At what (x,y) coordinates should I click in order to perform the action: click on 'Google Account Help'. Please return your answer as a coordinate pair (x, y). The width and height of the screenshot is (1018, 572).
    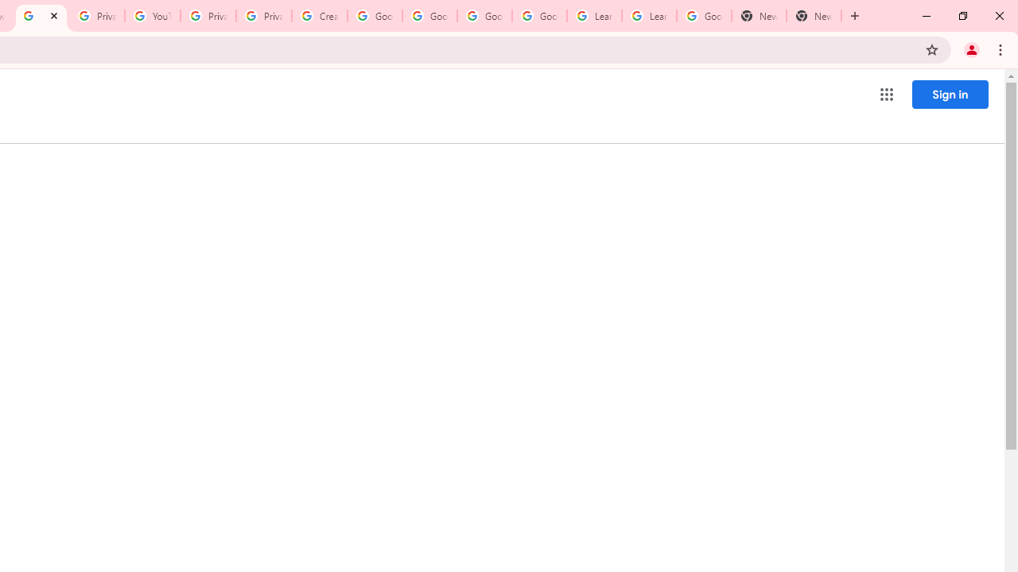
    Looking at the image, I should click on (374, 16).